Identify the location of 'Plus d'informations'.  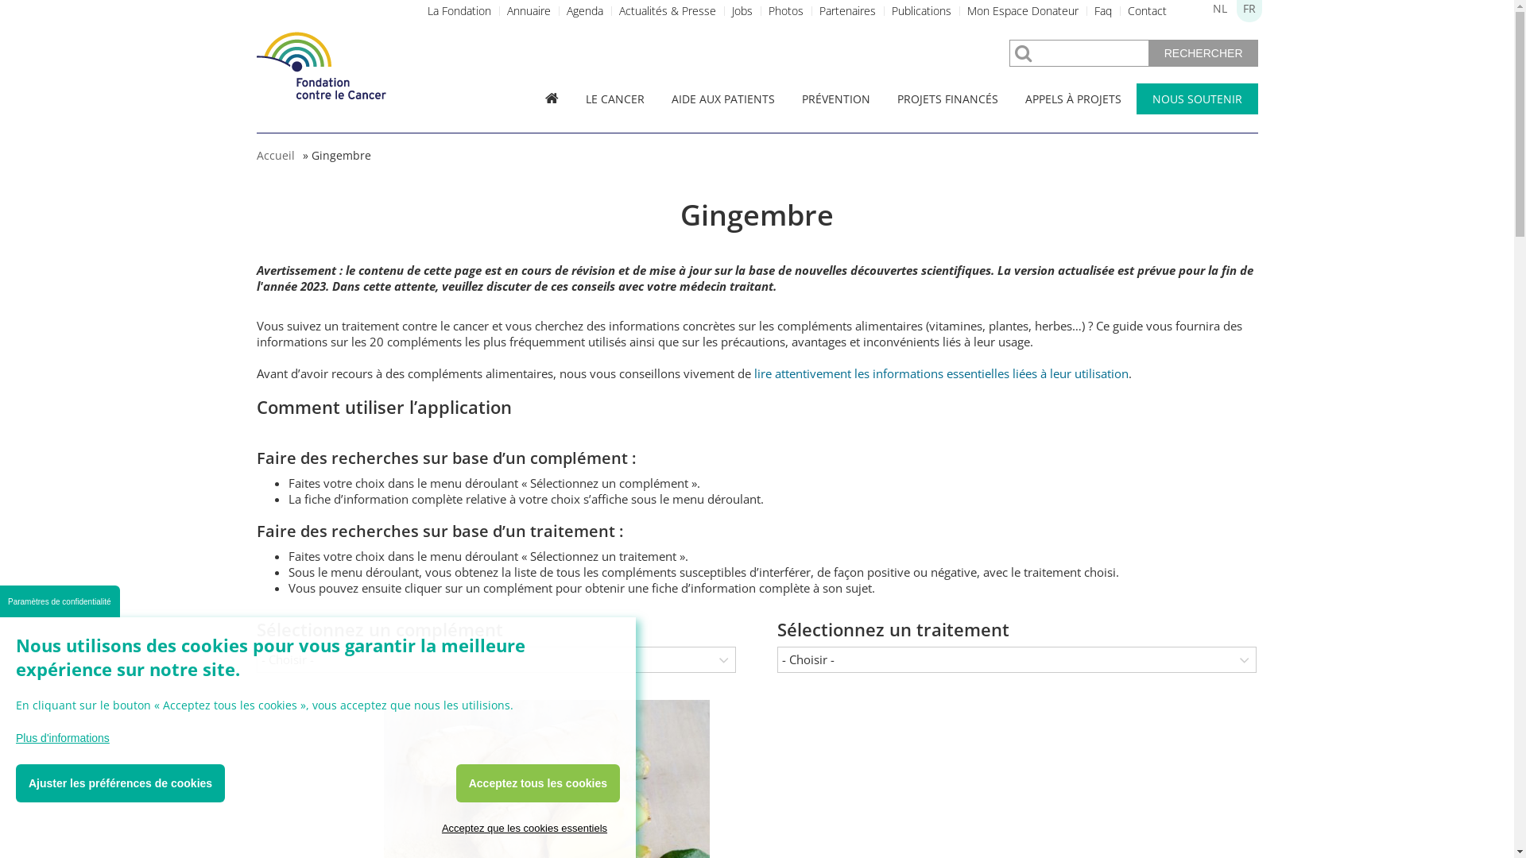
(62, 738).